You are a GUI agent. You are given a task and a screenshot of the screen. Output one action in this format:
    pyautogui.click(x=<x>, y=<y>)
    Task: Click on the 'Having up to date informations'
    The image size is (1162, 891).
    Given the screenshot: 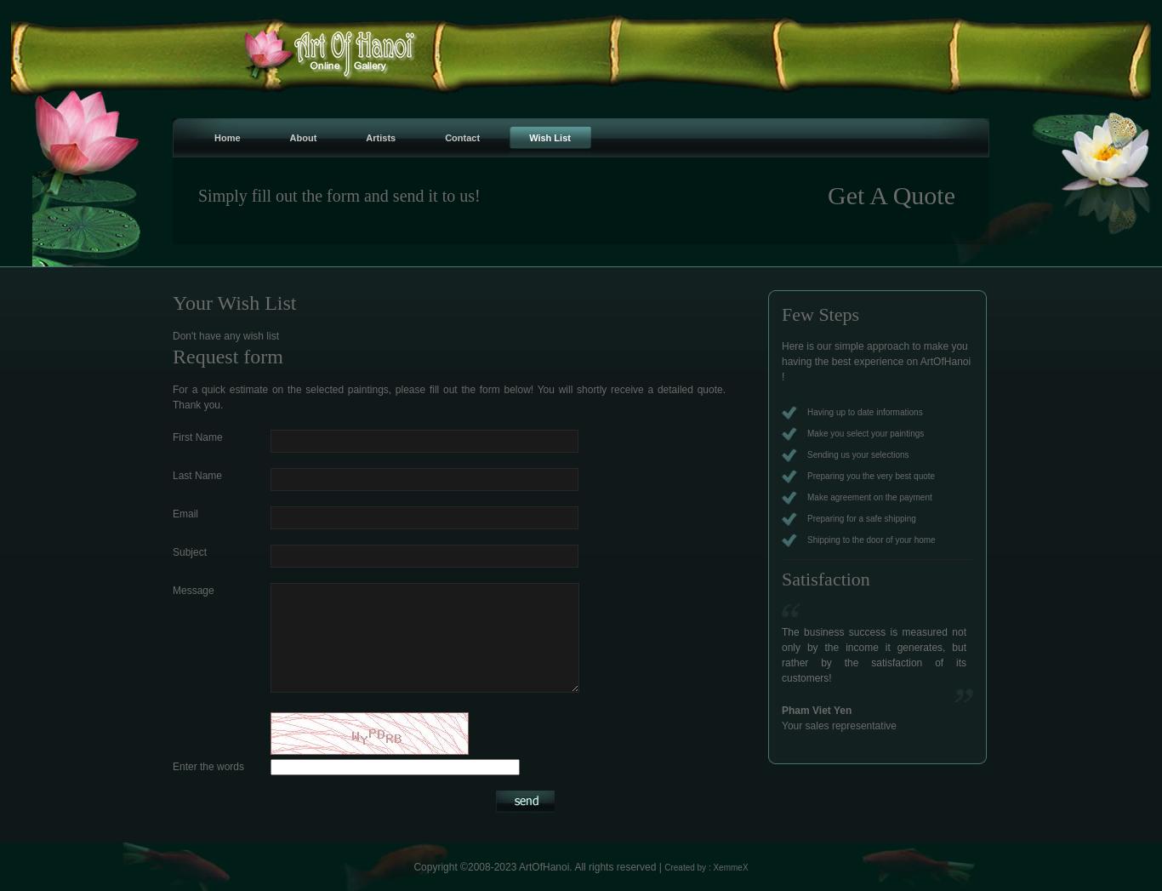 What is the action you would take?
    pyautogui.click(x=864, y=411)
    